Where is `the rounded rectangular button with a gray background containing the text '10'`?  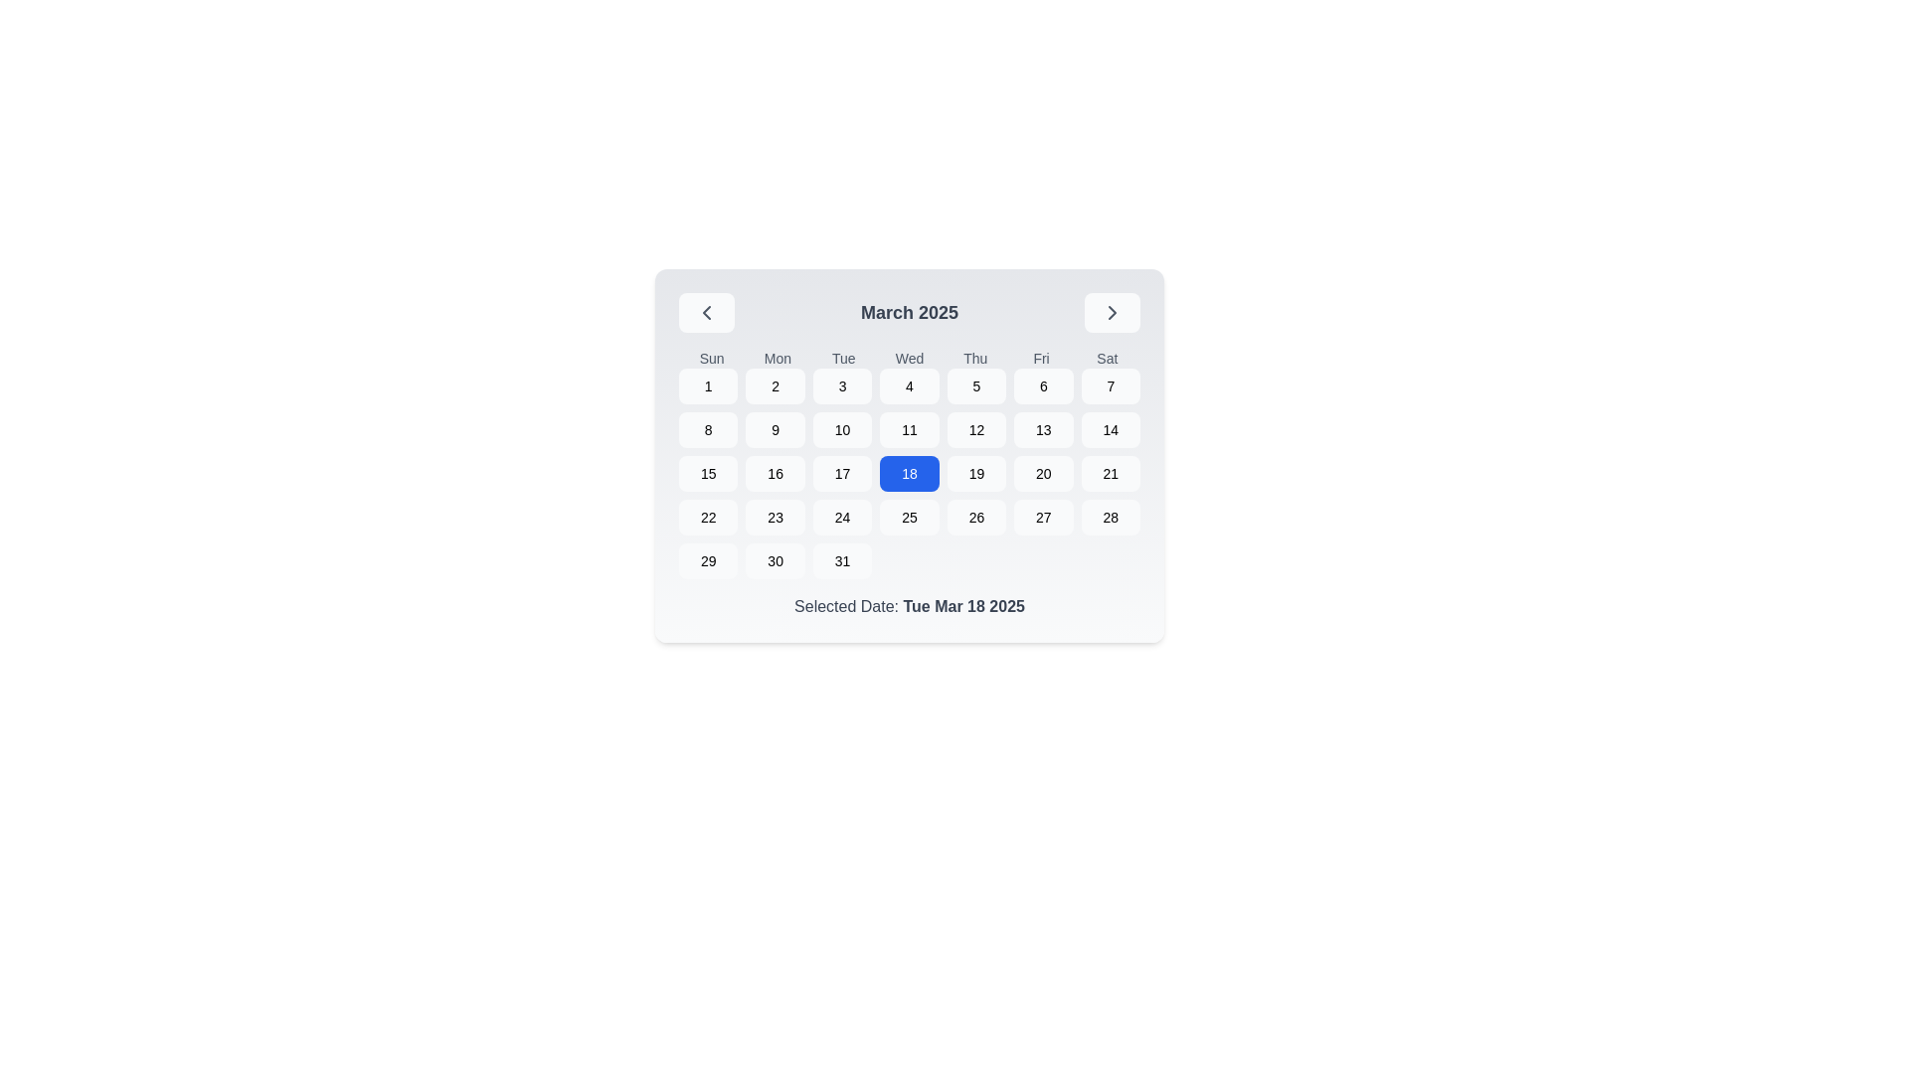
the rounded rectangular button with a gray background containing the text '10' is located at coordinates (842, 428).